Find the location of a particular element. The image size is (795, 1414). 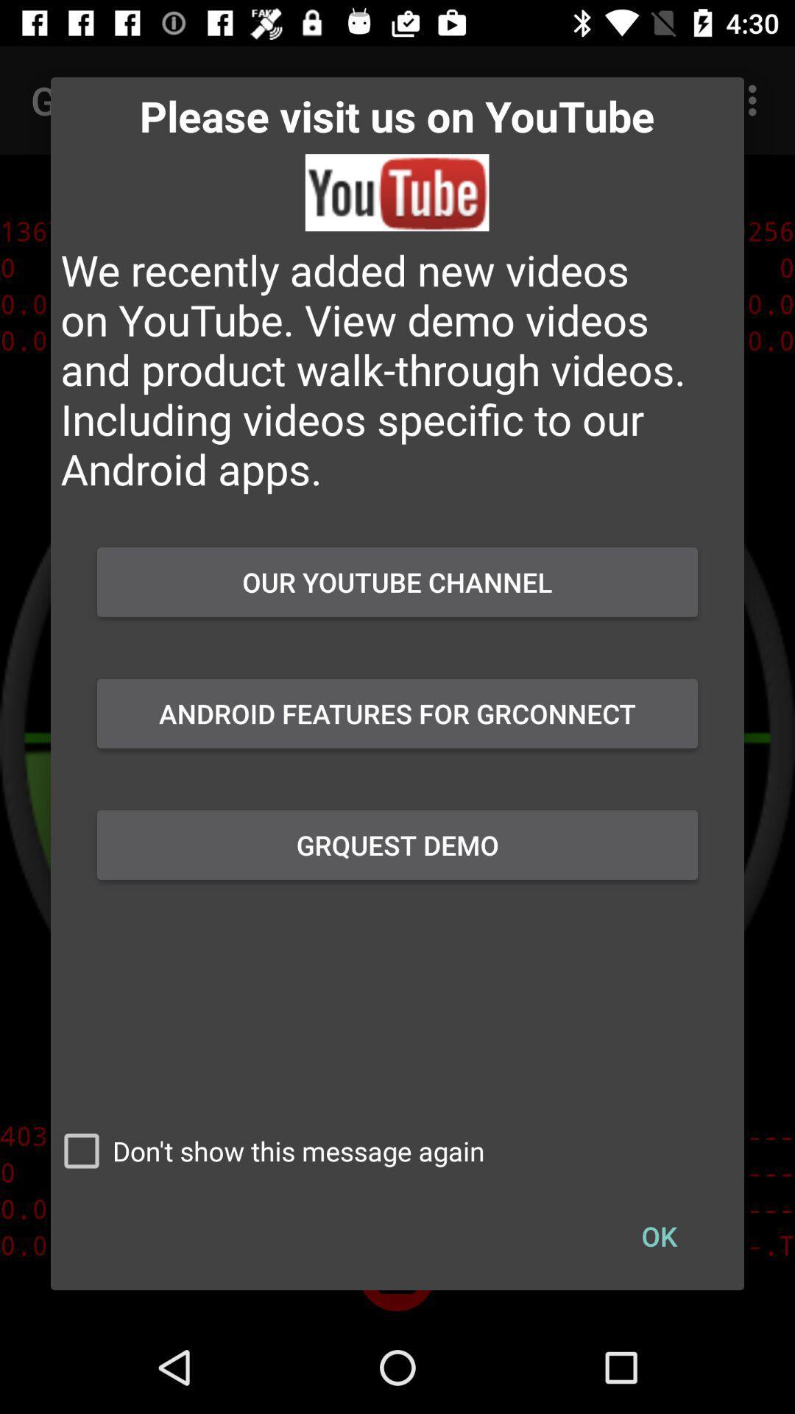

the android features for item is located at coordinates (397, 714).